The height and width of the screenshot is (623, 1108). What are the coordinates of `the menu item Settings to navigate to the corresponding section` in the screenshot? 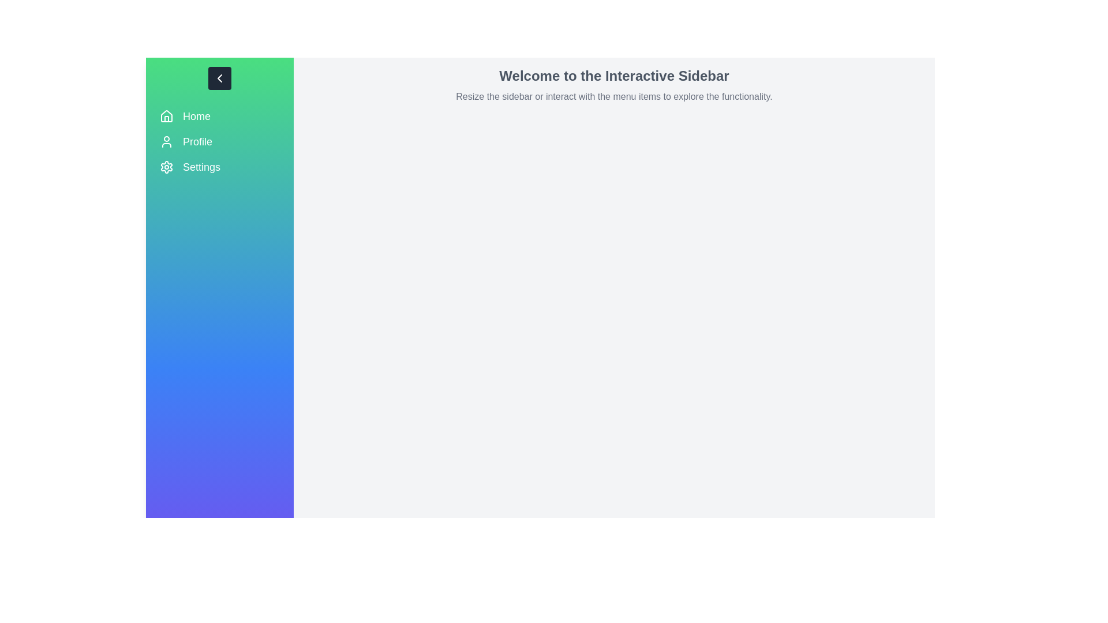 It's located at (219, 167).